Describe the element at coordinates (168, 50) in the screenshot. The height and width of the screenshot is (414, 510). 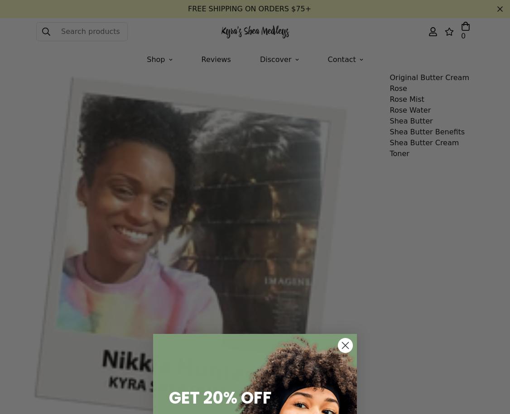
I see `'Stephanie Taylor'` at that location.